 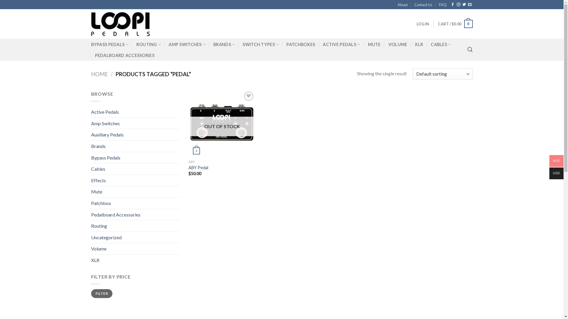 What do you see at coordinates (469, 4) in the screenshot?
I see `'Send us an email'` at bounding box center [469, 4].